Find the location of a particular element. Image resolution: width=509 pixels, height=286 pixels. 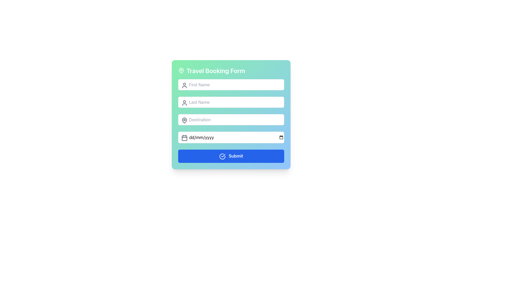

the 'Submit' button with a blue background and a white checkmark icon at the bottom of the 'Travel Booking Form' is located at coordinates (231, 156).